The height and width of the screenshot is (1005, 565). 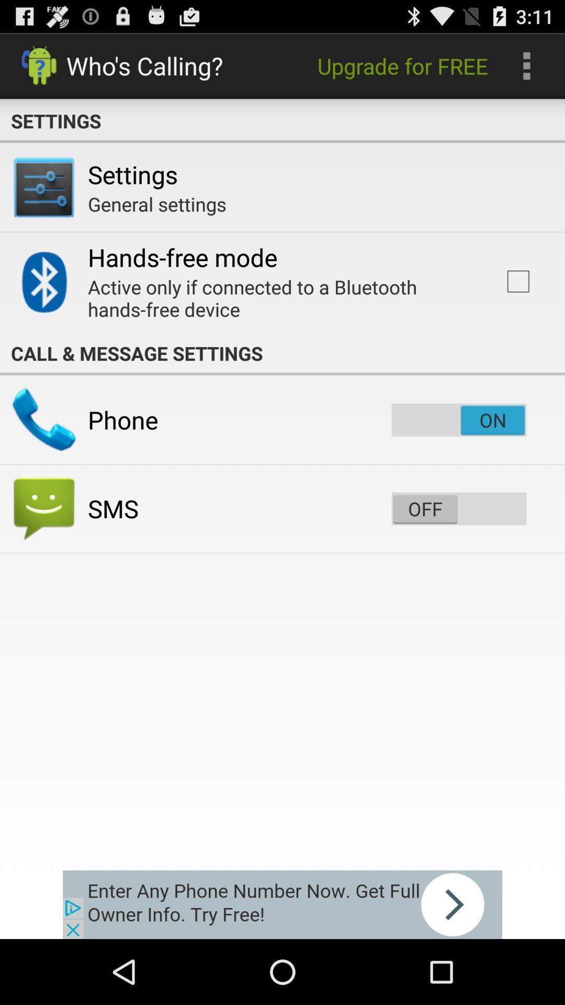 I want to click on phone on of button, so click(x=458, y=420).